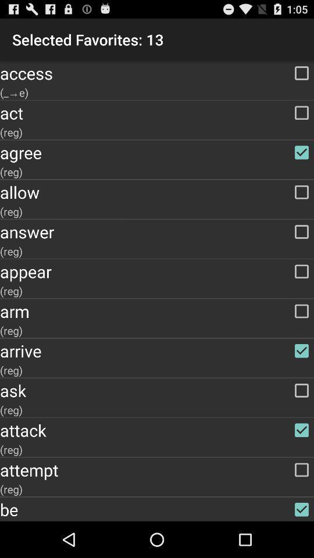  Describe the element at coordinates (157, 509) in the screenshot. I see `be` at that location.